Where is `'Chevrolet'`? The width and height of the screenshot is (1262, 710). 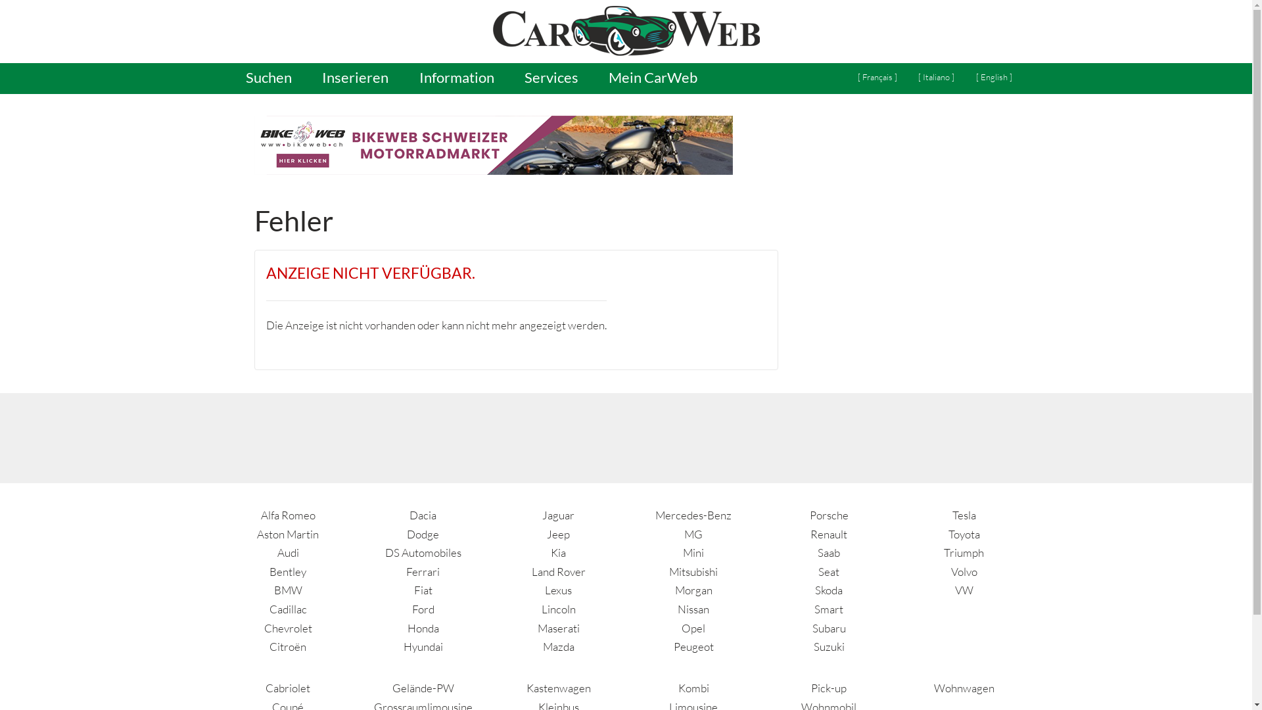 'Chevrolet' is located at coordinates (287, 627).